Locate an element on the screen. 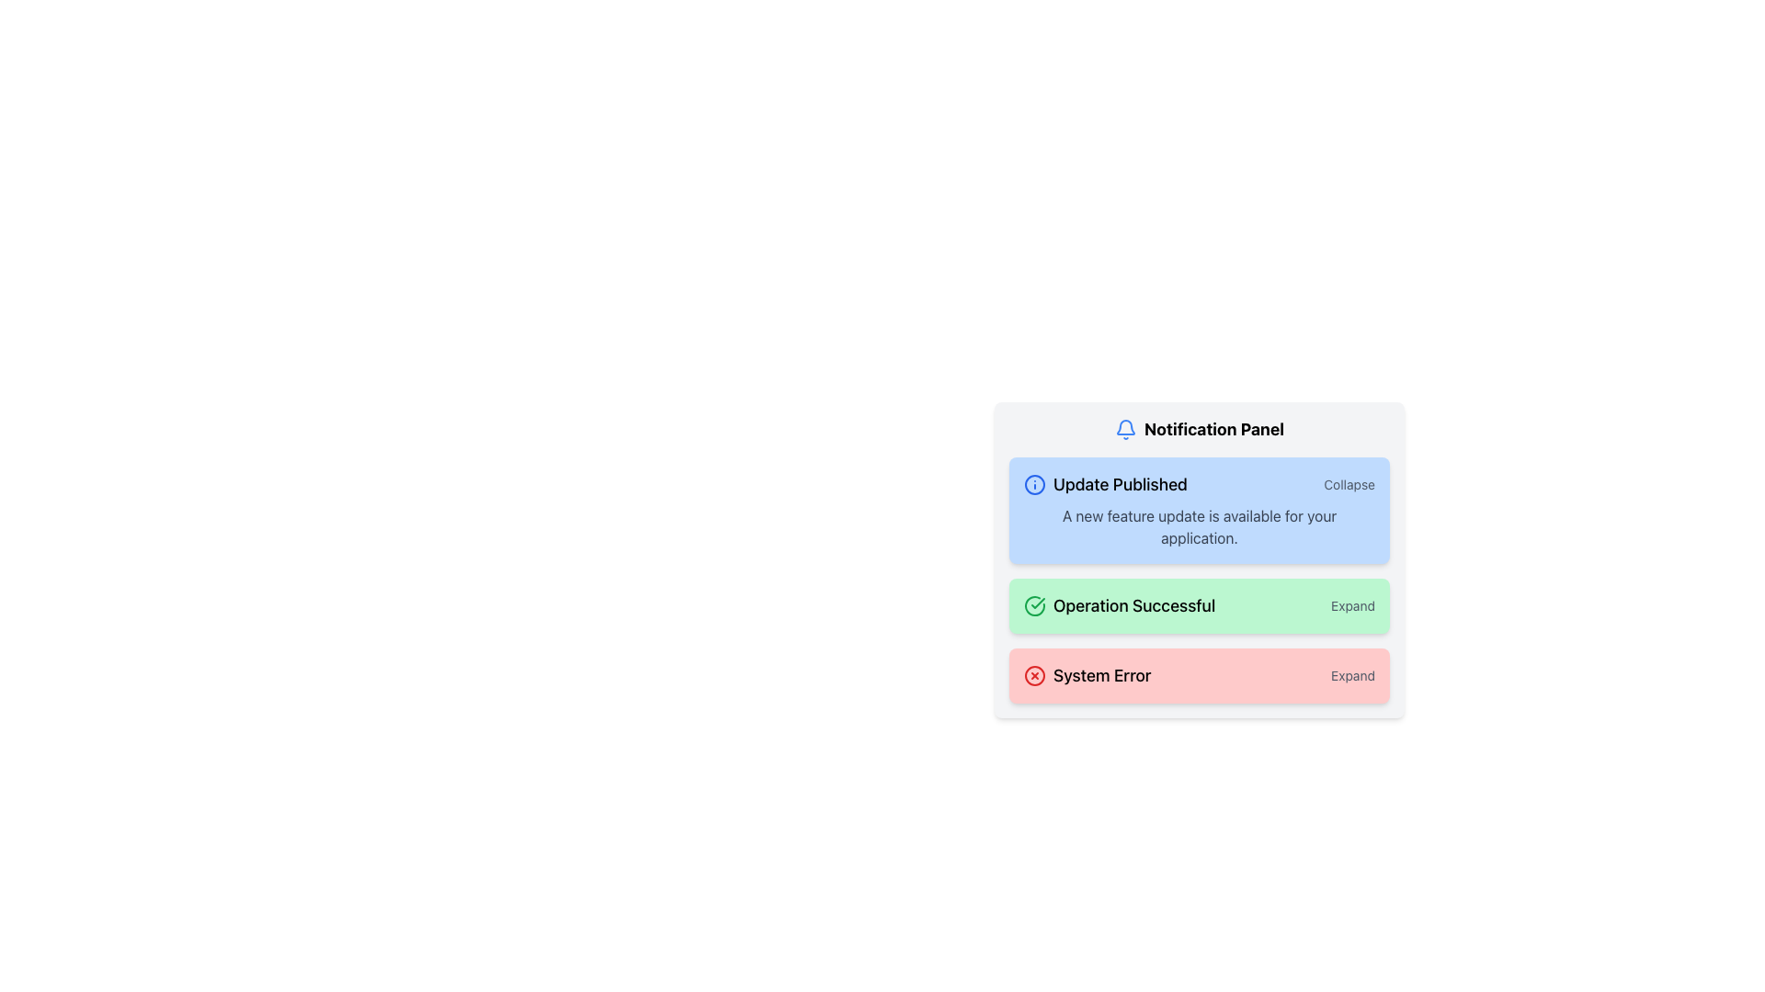 The width and height of the screenshot is (1765, 992). the button located at the far-right corner of the green notification box labeled 'Operation Successful' is located at coordinates (1353, 605).